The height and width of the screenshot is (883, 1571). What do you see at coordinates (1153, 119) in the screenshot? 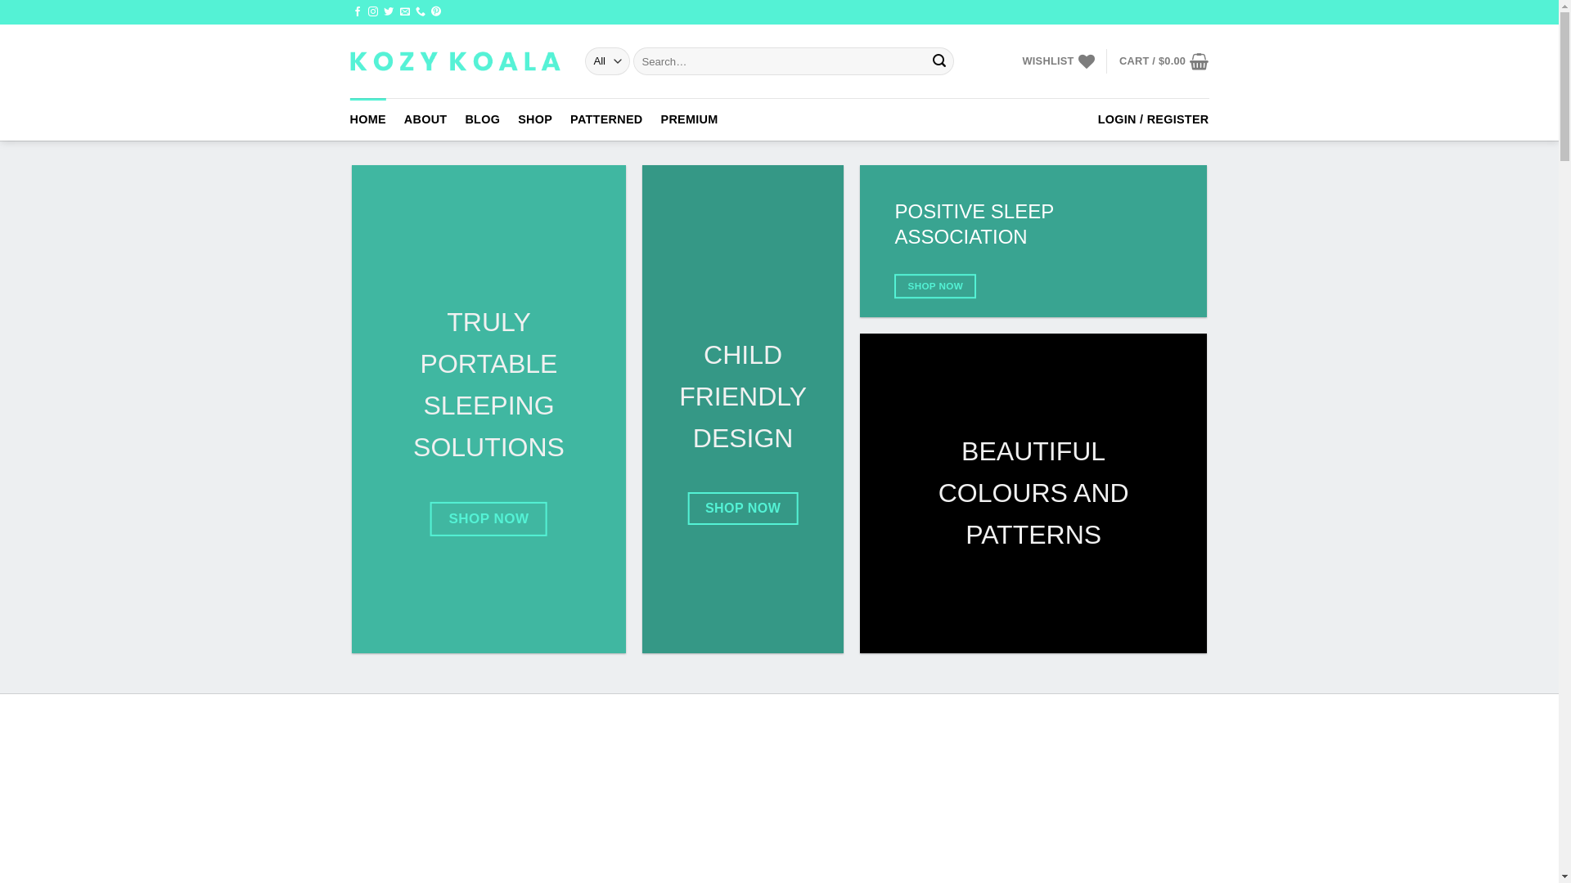
I see `'LOGIN / REGISTER'` at bounding box center [1153, 119].